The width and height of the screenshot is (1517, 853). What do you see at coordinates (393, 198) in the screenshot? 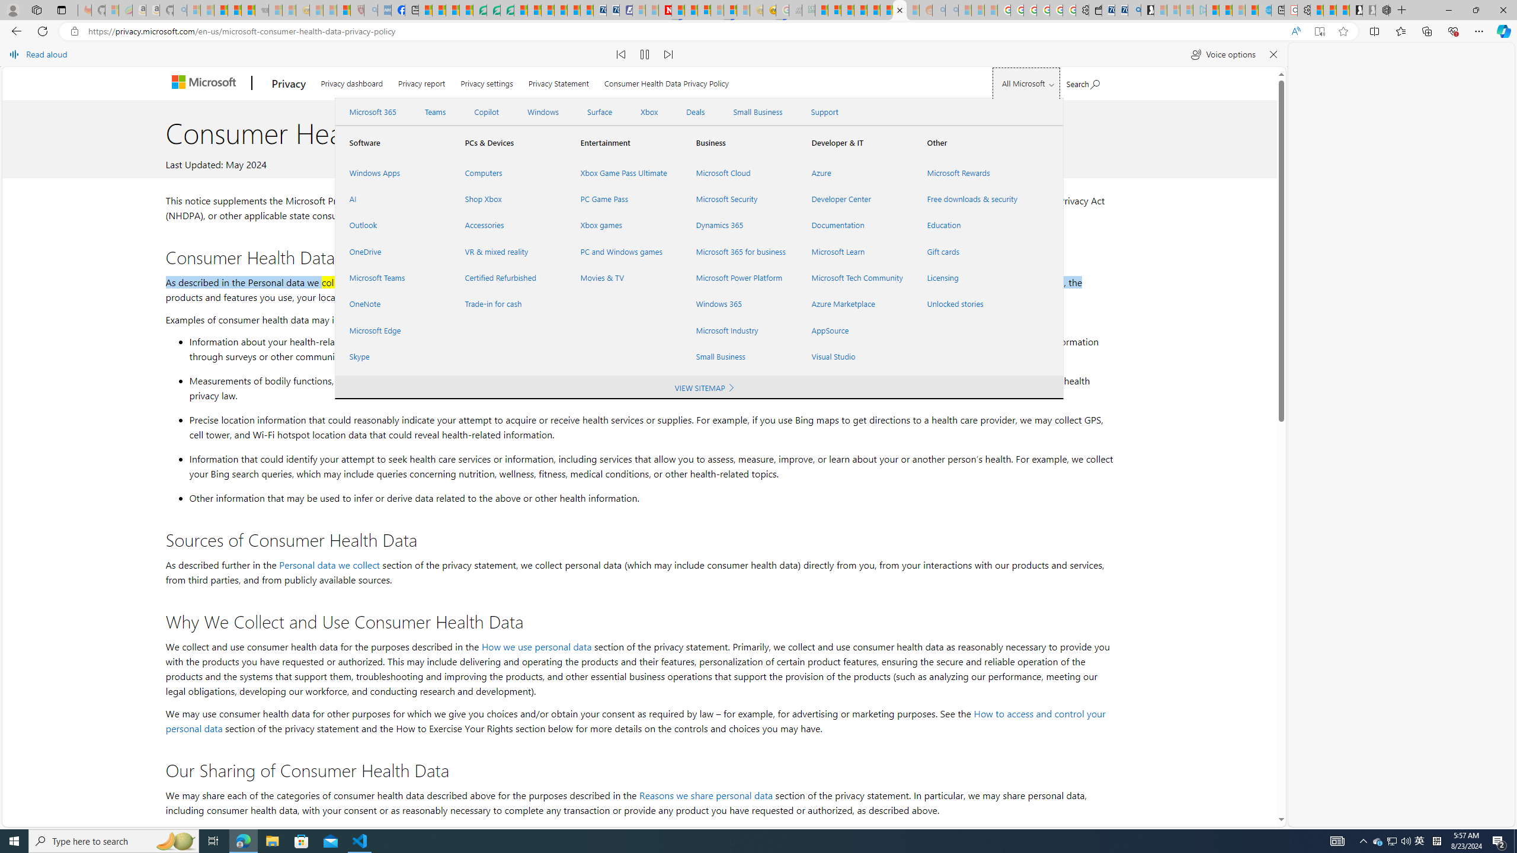
I see `'AI'` at bounding box center [393, 198].